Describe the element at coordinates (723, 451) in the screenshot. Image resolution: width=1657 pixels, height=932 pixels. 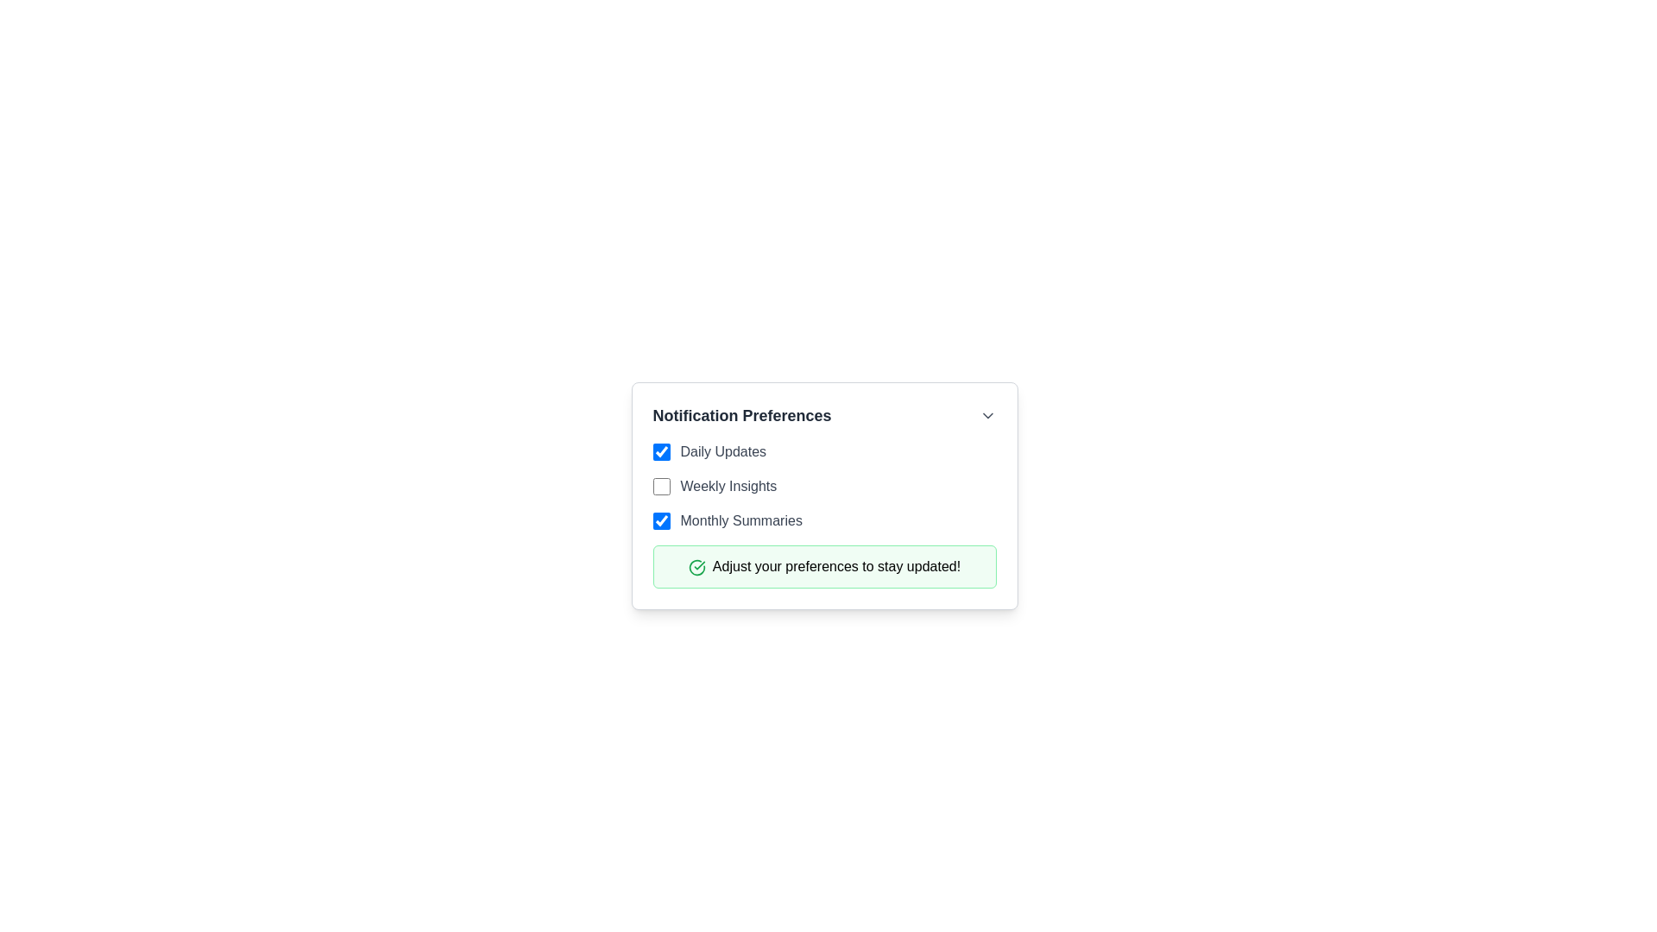
I see `text label describing the functionality of the checkbox for enabling or disabling 'Daily Updates' notifications, located in the 'Notification Preferences' section and positioned to the right of the first checkbox` at that location.